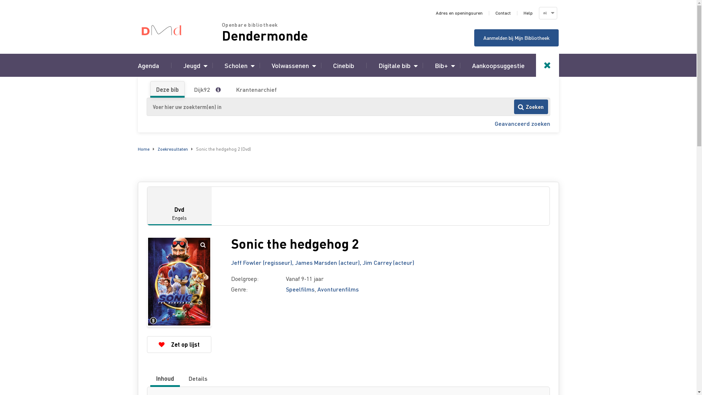  I want to click on 'Zet op lijst', so click(179, 344).